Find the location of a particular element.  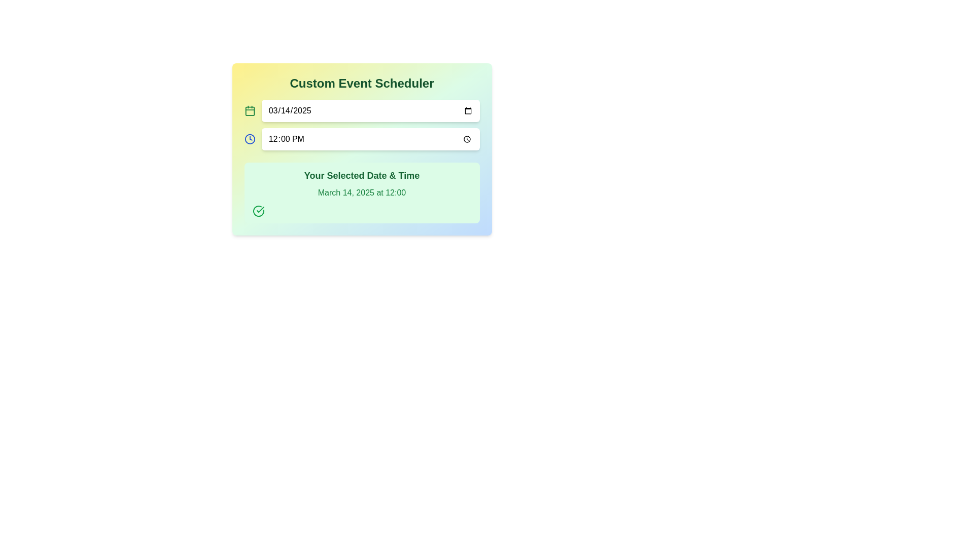

the time selection icon located immediately to the left of the input field displaying '12:00 PM' is located at coordinates (250, 139).